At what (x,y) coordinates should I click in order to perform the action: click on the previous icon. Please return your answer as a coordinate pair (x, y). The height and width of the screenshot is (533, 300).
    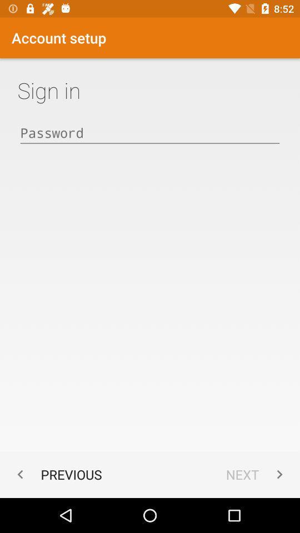
    Looking at the image, I should click on (57, 474).